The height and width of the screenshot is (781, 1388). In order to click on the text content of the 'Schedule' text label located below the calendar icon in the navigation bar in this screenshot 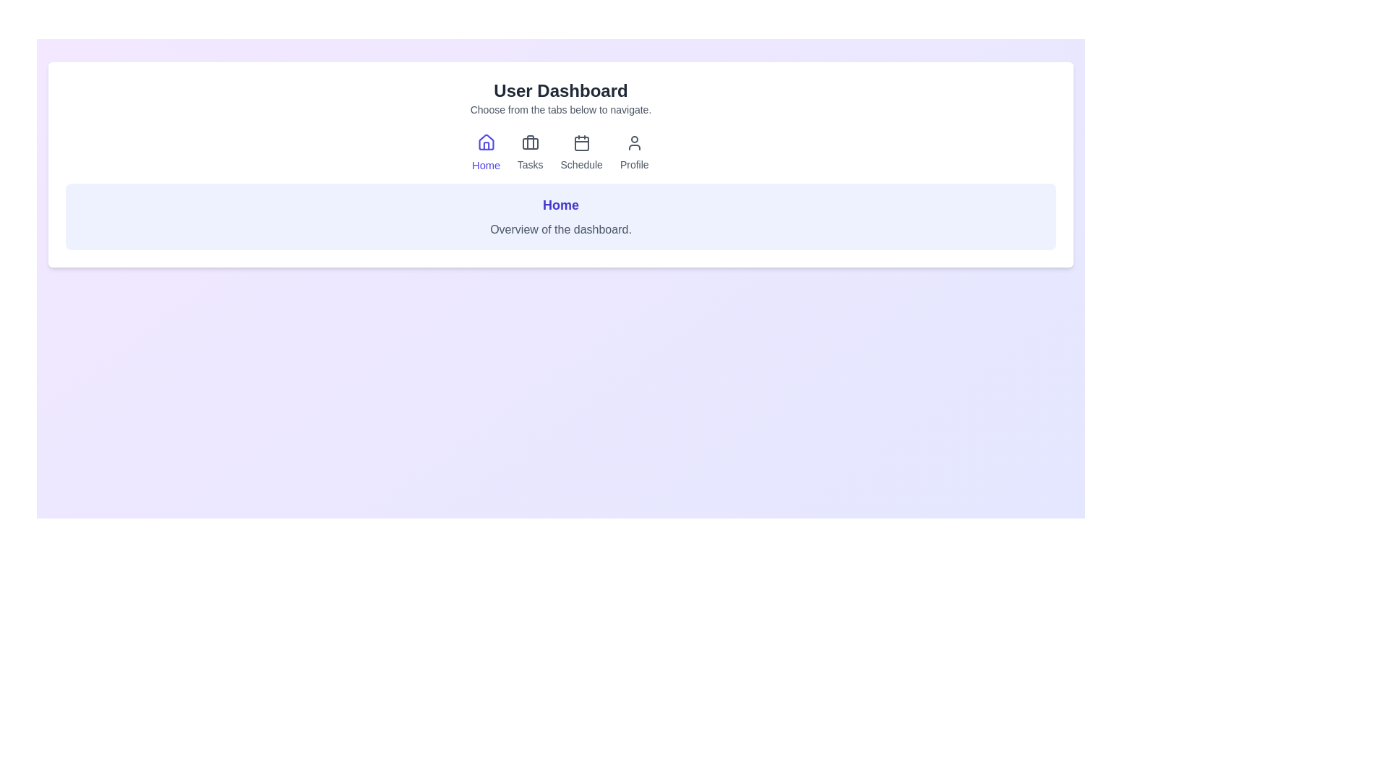, I will do `click(581, 163)`.